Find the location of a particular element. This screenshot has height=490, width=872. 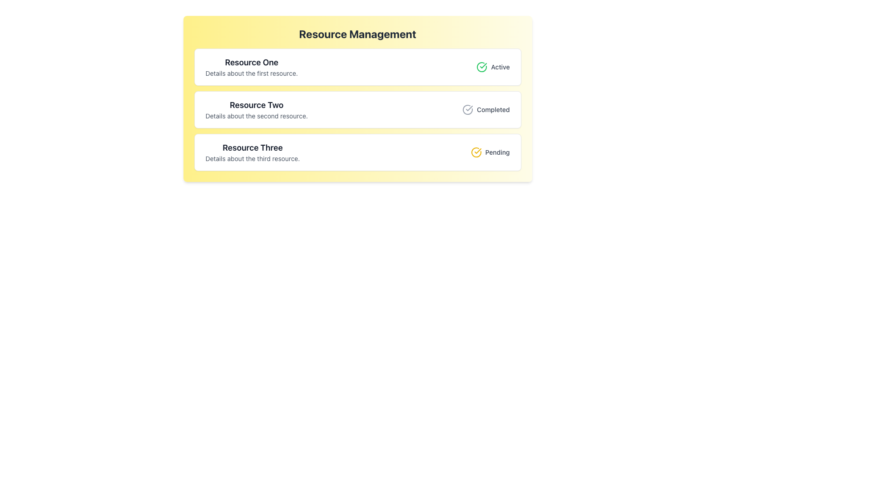

text element that contains 'Details about the first resource.' positioned below the heading 'Resource One.' is located at coordinates (252, 73).